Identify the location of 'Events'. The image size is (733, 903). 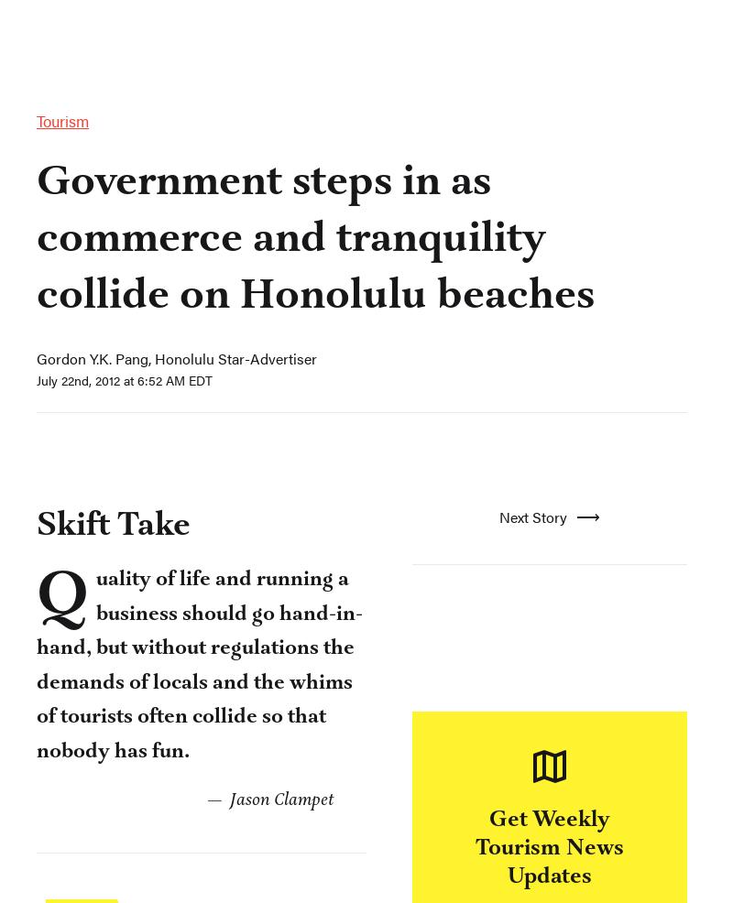
(221, 31).